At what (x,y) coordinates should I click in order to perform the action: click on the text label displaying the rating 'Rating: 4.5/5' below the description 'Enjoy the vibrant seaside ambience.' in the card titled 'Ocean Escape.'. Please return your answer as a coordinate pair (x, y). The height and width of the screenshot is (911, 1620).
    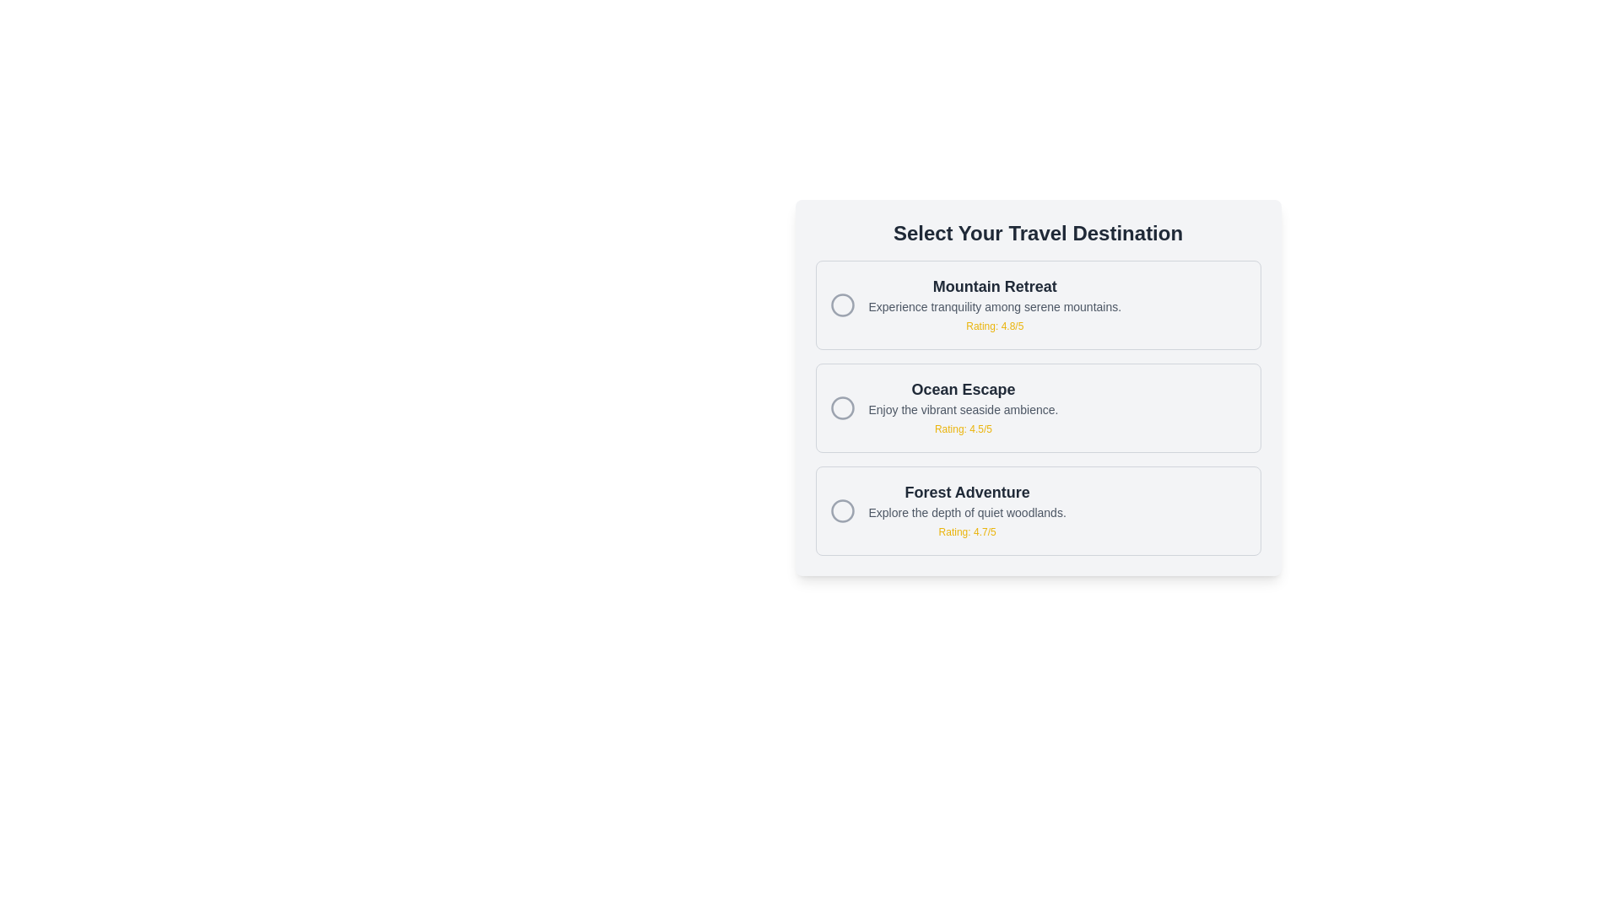
    Looking at the image, I should click on (964, 429).